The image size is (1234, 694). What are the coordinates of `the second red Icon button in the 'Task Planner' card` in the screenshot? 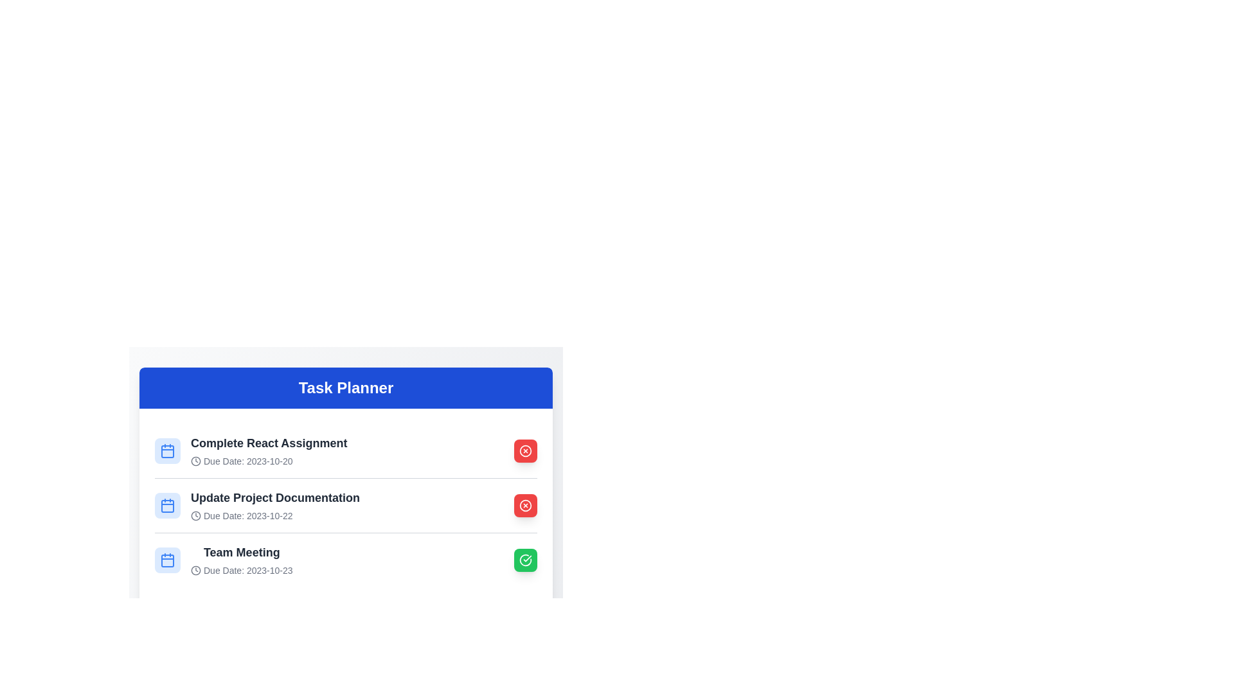 It's located at (525, 450).